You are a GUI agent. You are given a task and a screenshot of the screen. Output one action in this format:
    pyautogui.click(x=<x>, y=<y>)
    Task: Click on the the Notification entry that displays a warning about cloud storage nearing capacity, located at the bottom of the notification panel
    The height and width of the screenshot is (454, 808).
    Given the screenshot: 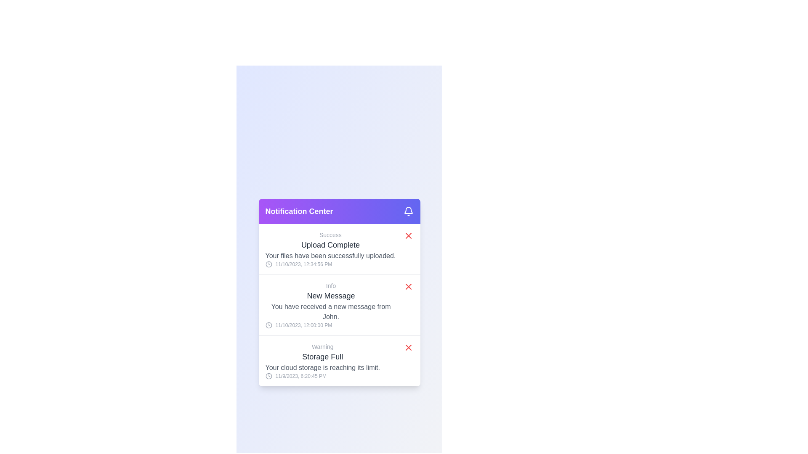 What is the action you would take?
    pyautogui.click(x=339, y=360)
    